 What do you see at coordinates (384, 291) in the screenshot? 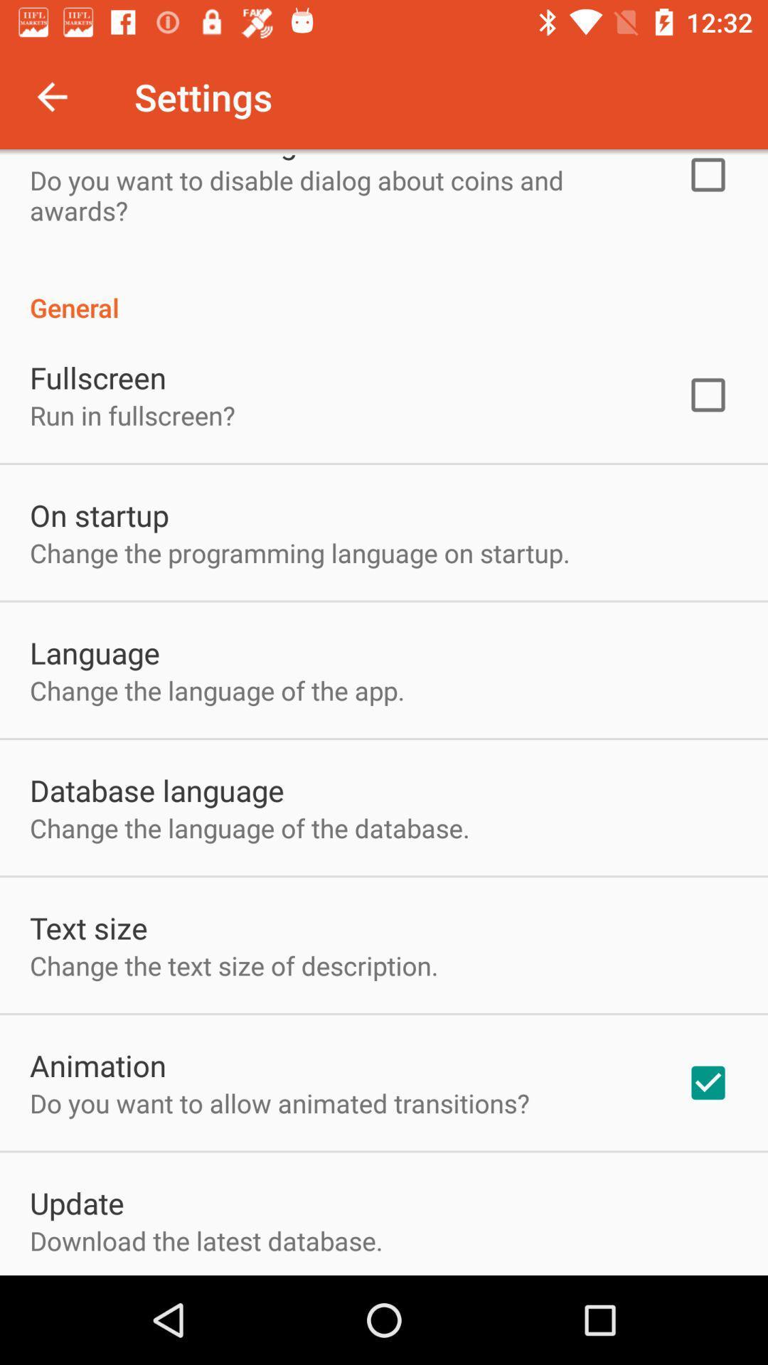
I see `the general item` at bounding box center [384, 291].